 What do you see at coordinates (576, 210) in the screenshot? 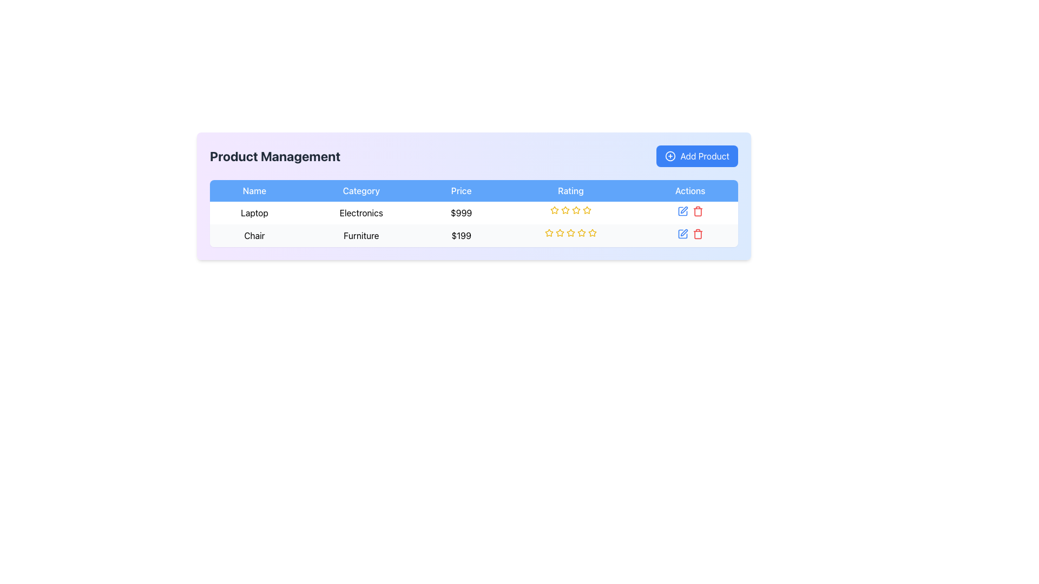
I see `the fifth yellow star icon in the fourth row of the rating section of the table` at bounding box center [576, 210].